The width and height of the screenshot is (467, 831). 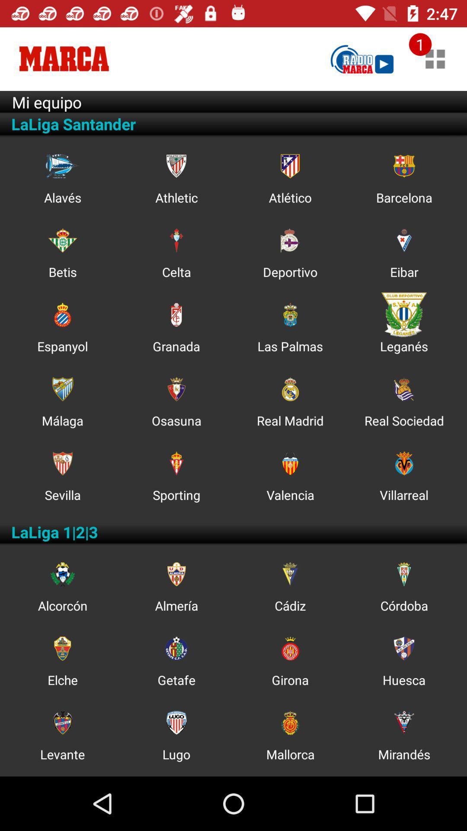 I want to click on the compare icon, so click(x=176, y=240).